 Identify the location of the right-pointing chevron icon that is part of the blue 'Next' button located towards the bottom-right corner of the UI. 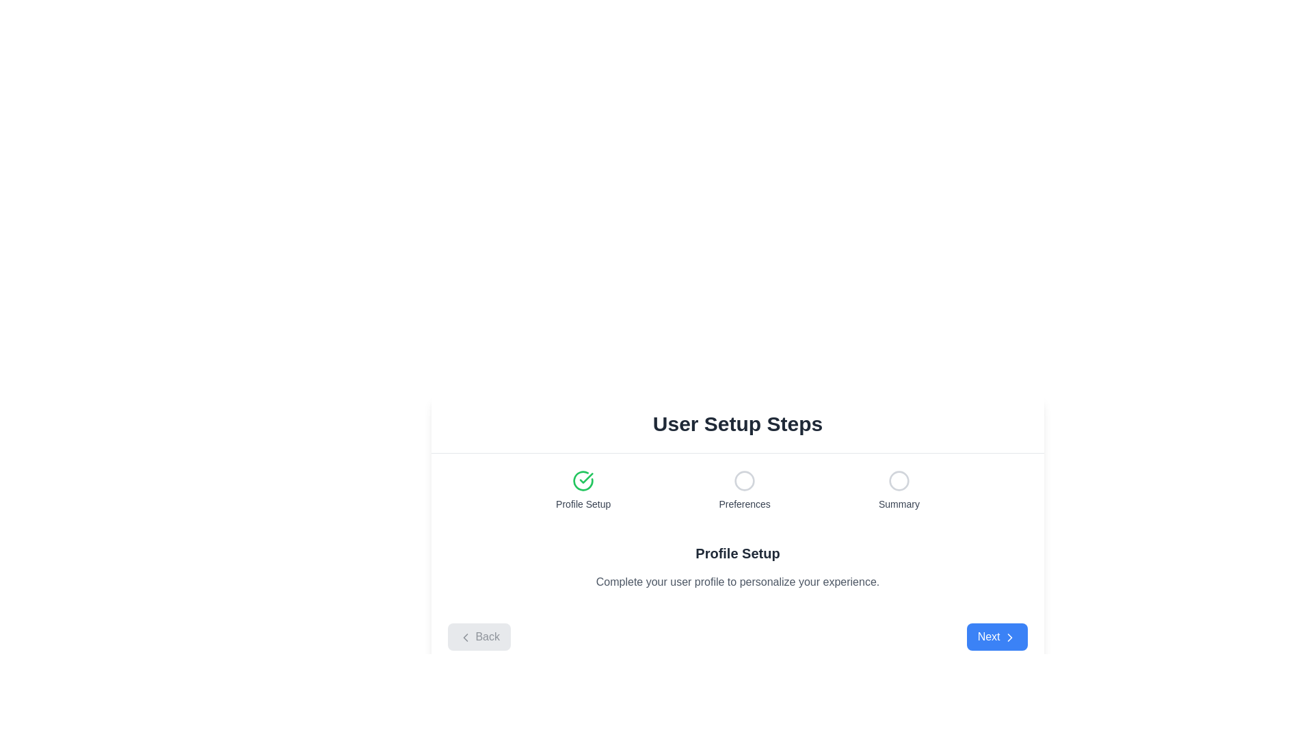
(1010, 636).